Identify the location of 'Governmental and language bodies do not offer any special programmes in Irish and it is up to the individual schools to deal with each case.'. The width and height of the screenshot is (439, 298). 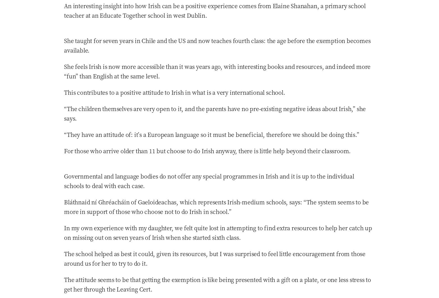
(209, 180).